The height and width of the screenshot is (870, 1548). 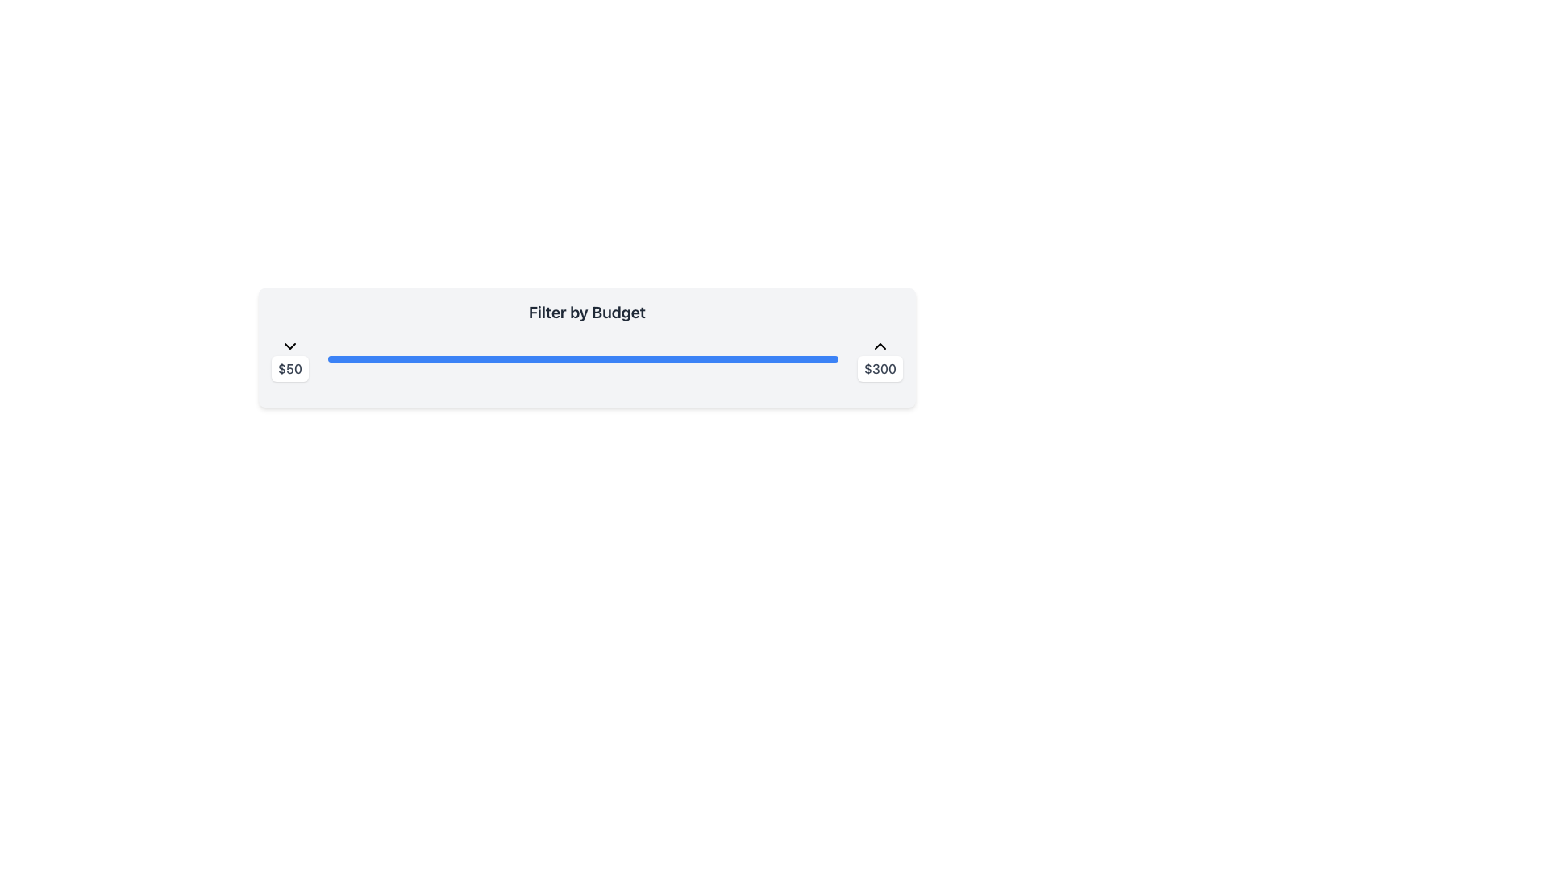 I want to click on the budget filter, so click(x=625, y=358).